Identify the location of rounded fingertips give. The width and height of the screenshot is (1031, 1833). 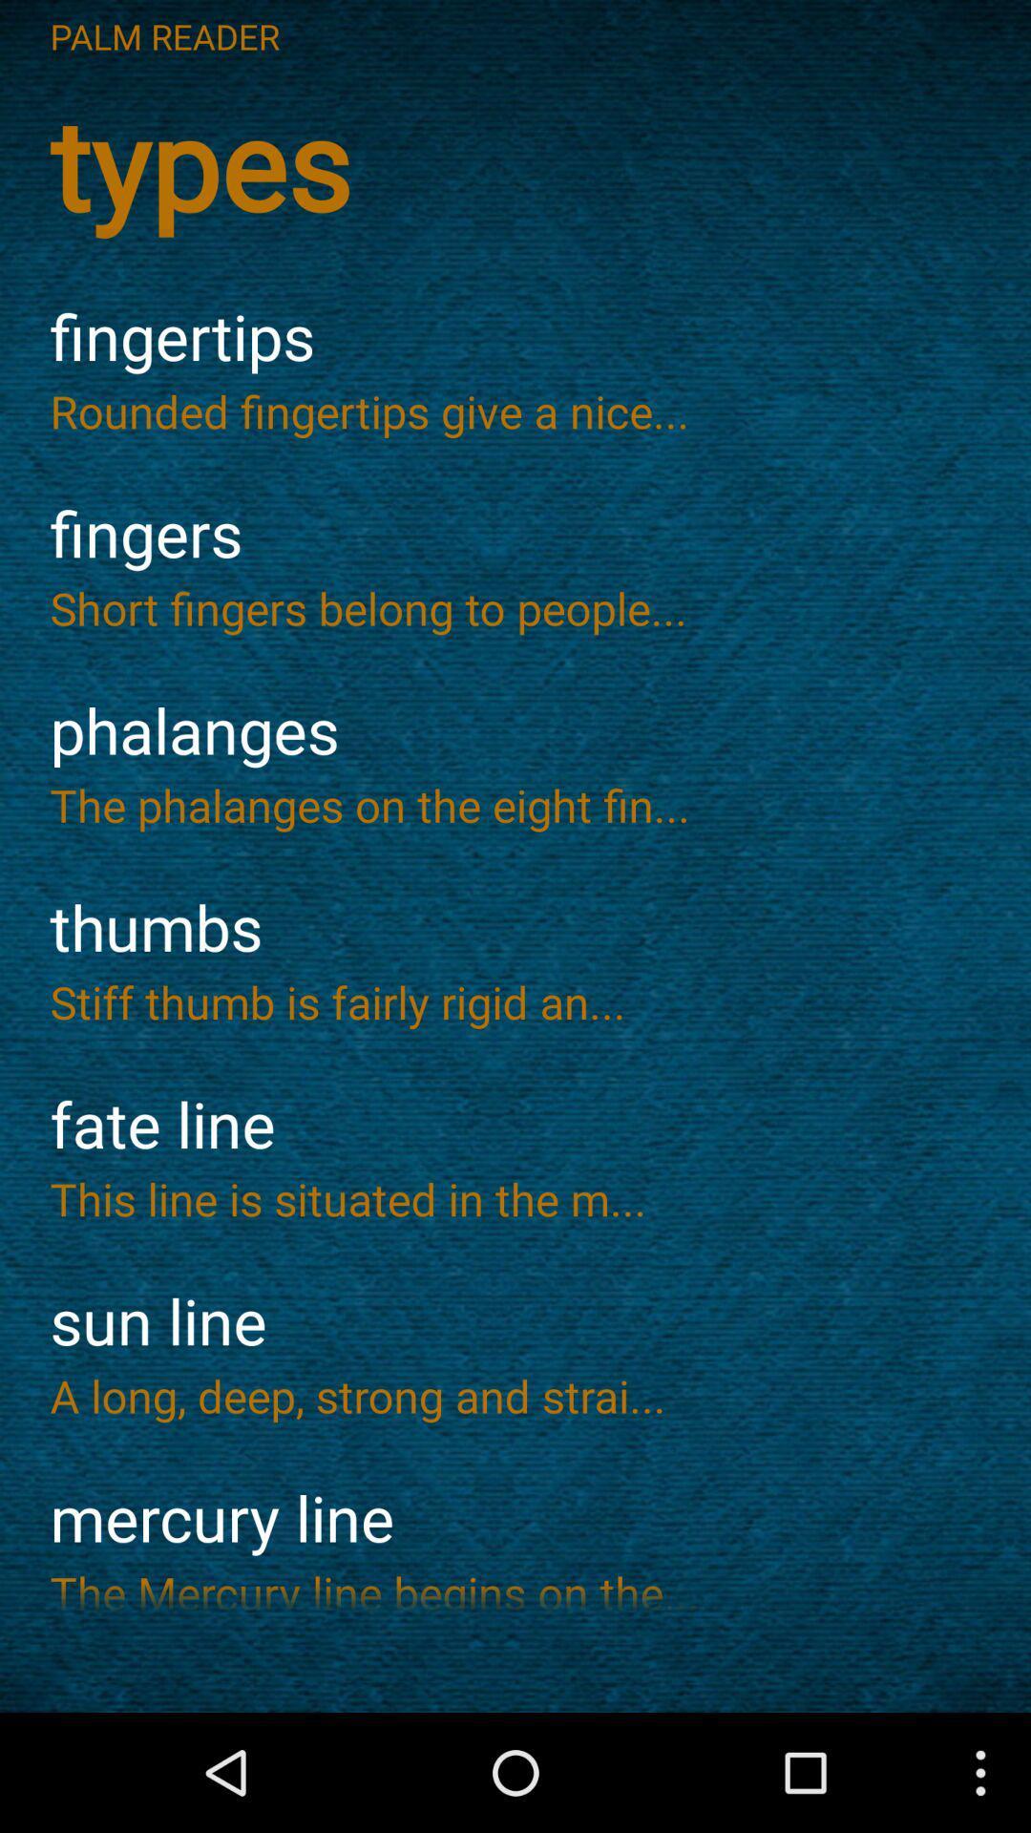
(515, 410).